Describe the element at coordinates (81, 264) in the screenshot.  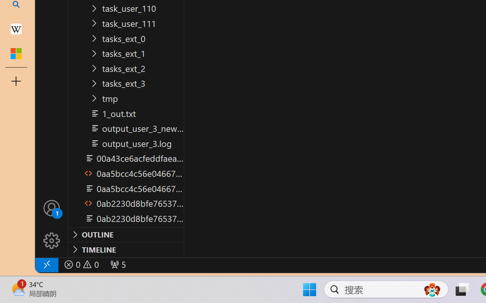
I see `'No Problems'` at that location.